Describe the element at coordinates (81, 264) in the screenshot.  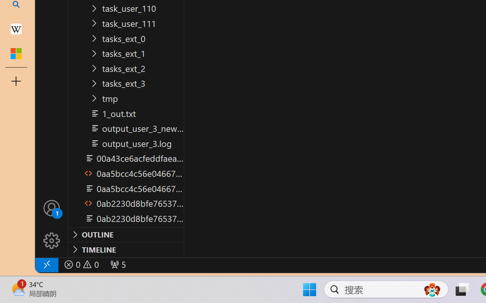
I see `'No Problems'` at that location.